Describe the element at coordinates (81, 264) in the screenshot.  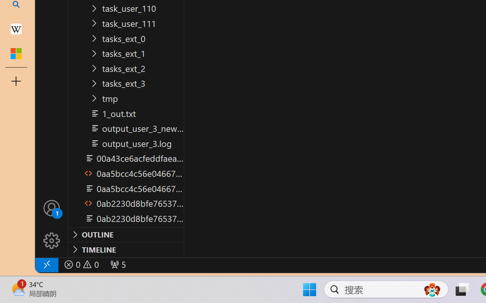
I see `'No Problems'` at that location.